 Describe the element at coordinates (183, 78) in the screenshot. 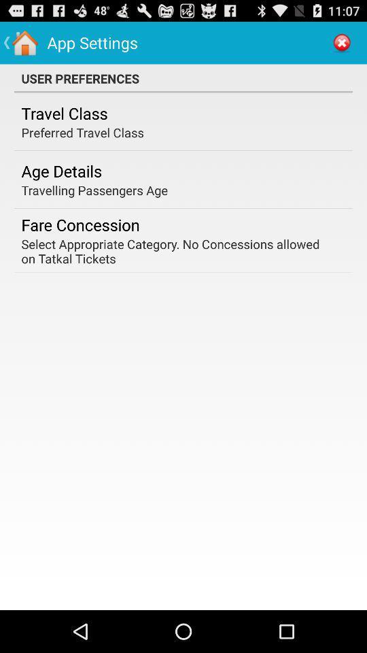

I see `user preferences item` at that location.